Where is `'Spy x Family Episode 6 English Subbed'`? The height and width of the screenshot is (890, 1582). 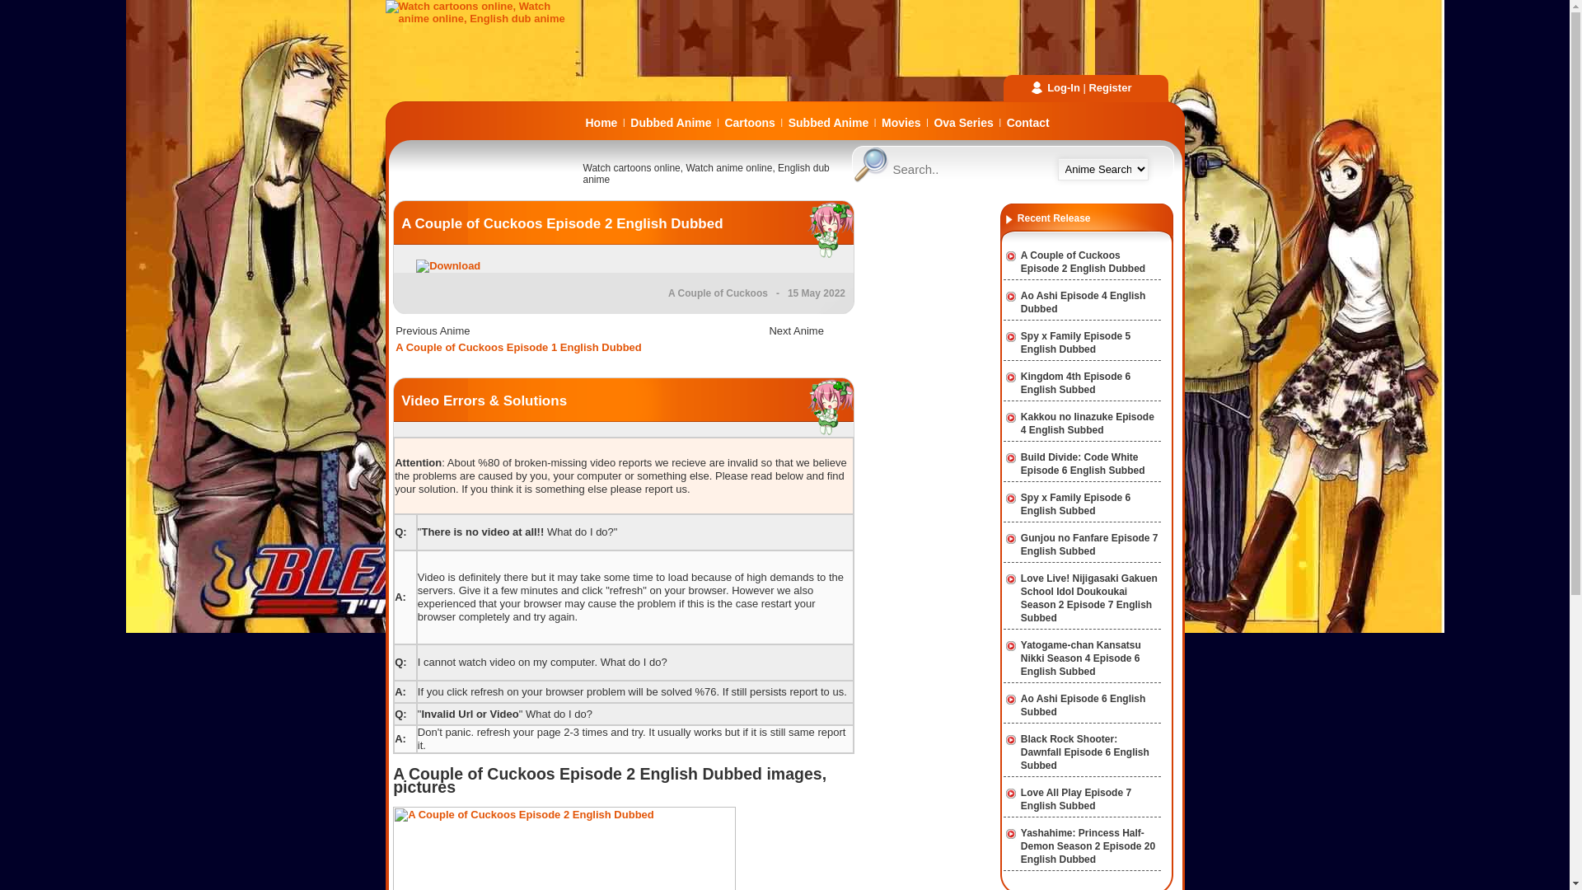
'Spy x Family Episode 6 English Subbed' is located at coordinates (1075, 504).